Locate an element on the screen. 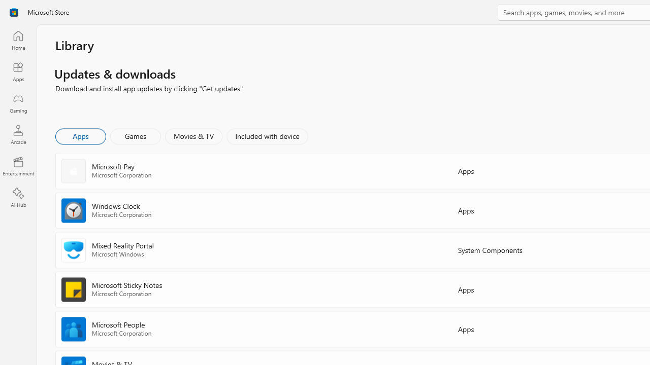 The width and height of the screenshot is (650, 365). 'Class: Image' is located at coordinates (14, 12).